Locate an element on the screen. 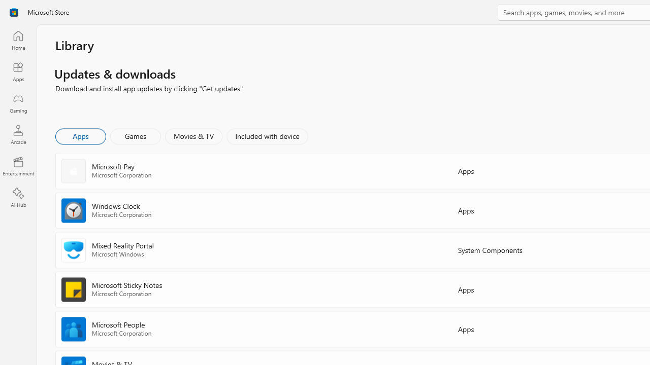 The width and height of the screenshot is (650, 365). 'Class: Image' is located at coordinates (14, 12).